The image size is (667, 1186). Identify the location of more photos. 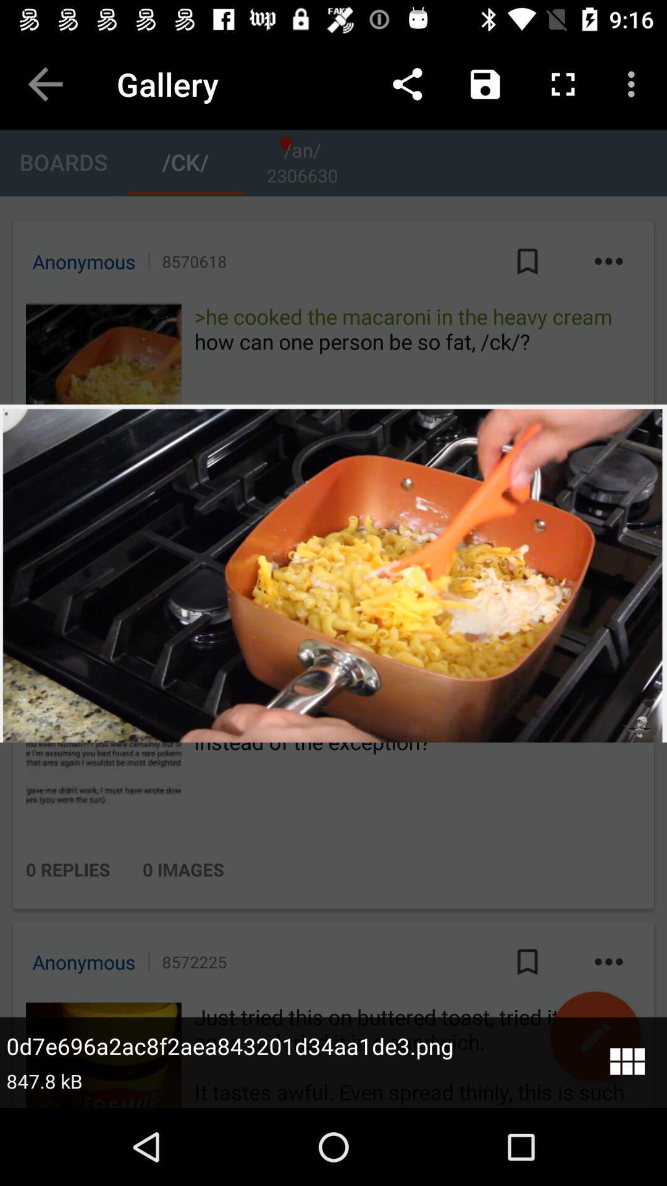
(626, 1062).